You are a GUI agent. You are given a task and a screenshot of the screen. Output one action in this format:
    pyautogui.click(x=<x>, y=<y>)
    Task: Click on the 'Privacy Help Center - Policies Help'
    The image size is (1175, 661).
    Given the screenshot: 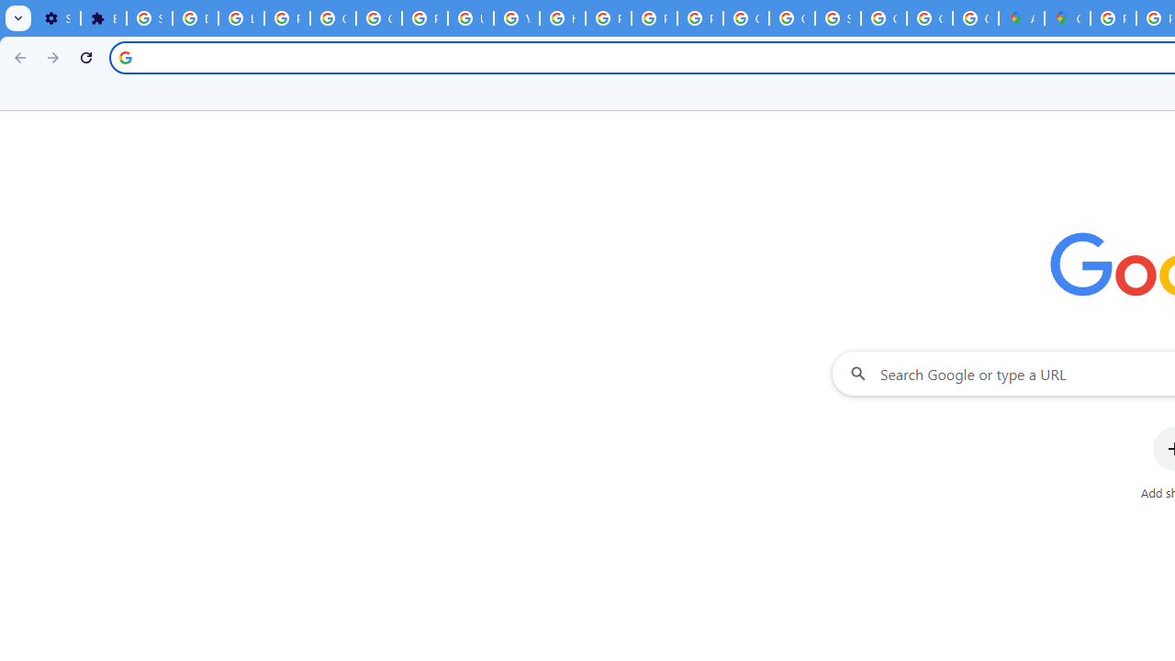 What is the action you would take?
    pyautogui.click(x=609, y=18)
    